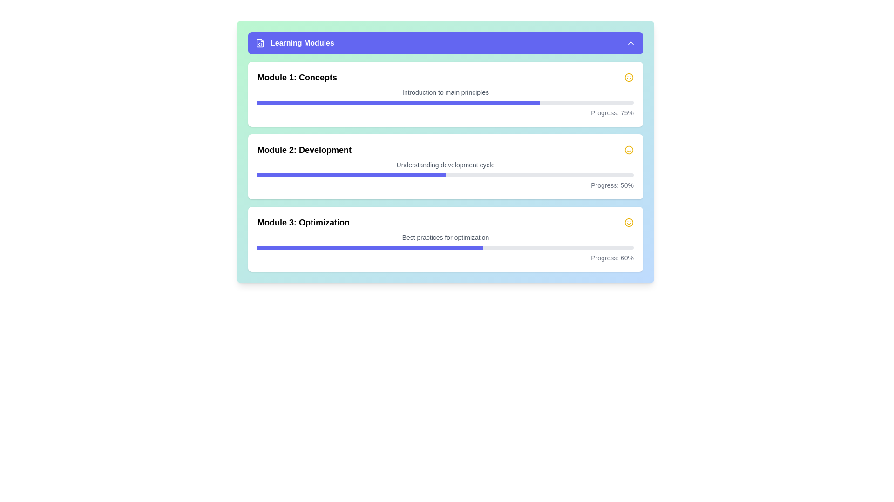  I want to click on the progress bar located within the 'Module 1: Concepts' card, which is gray with a blue segment indicating 75% completion, so click(445, 102).